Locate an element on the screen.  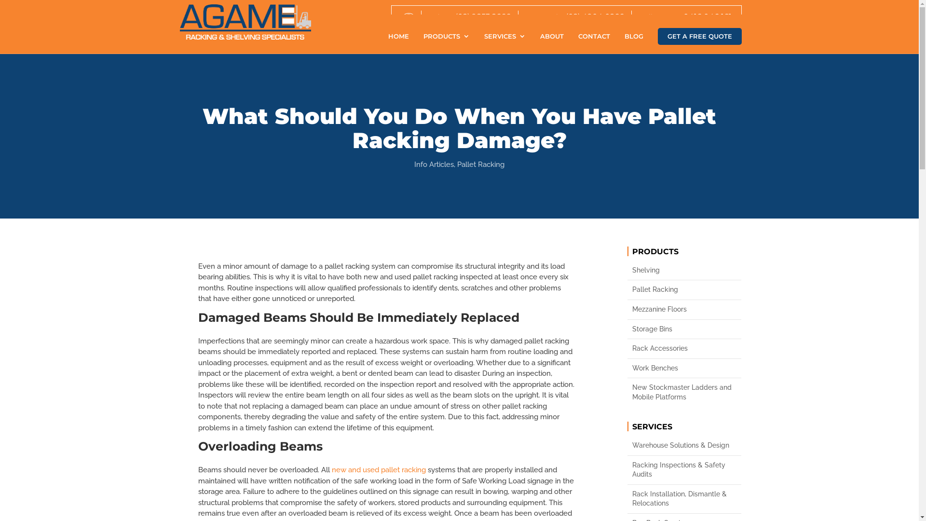
'Wollongong:' is located at coordinates (658, 16).